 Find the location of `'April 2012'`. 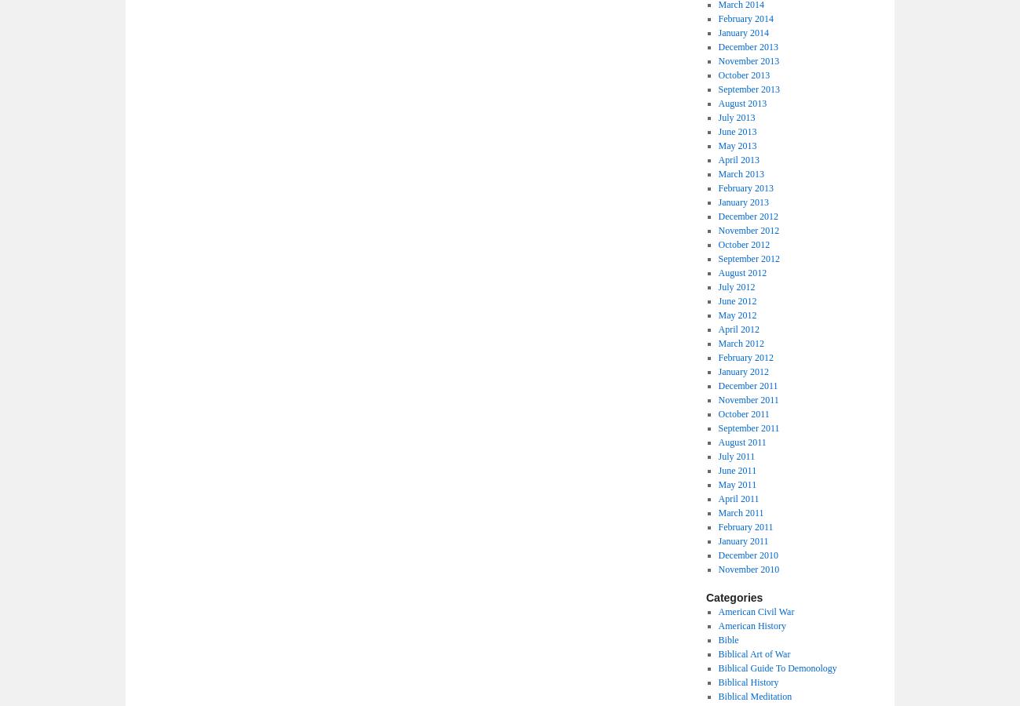

'April 2012' is located at coordinates (716, 329).